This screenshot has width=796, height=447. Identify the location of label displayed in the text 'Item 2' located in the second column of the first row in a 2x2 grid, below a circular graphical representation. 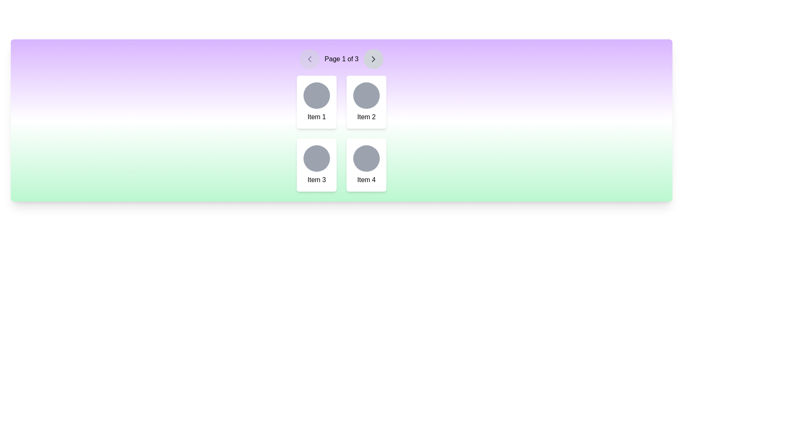
(366, 117).